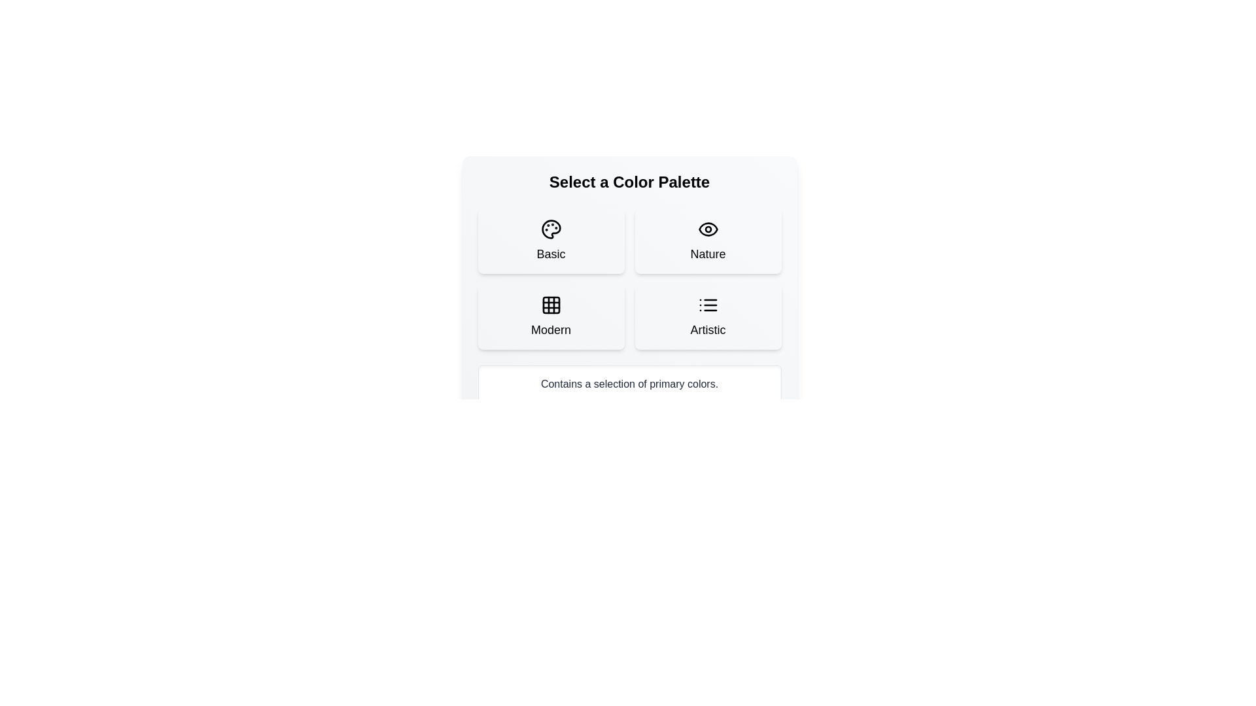 The width and height of the screenshot is (1256, 706). I want to click on the palette button for Modern, so click(551, 317).